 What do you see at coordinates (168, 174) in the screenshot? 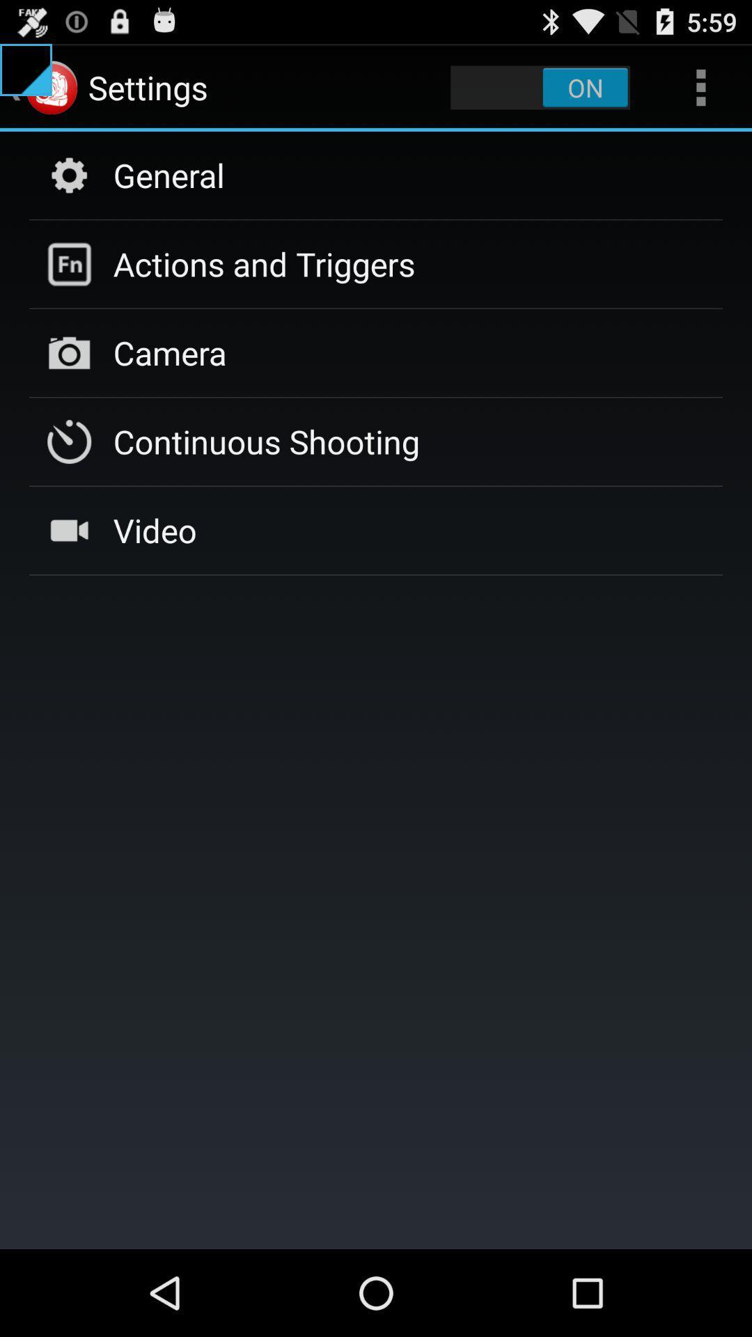
I see `item below the settings item` at bounding box center [168, 174].